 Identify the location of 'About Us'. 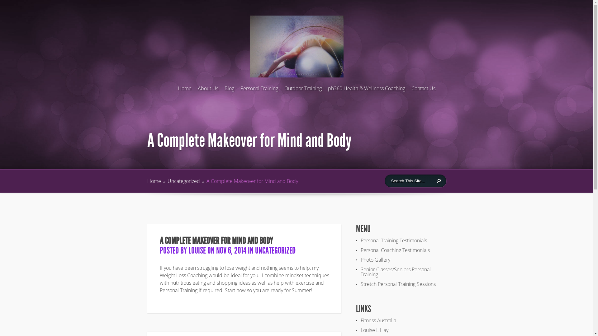
(208, 90).